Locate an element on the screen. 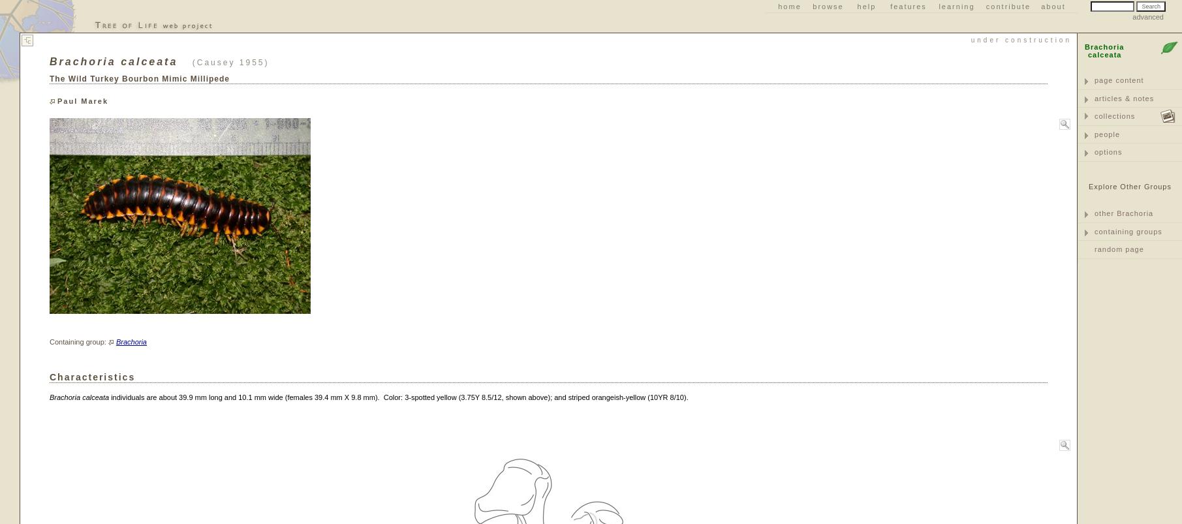 The image size is (1182, 524). 'Under Construction' is located at coordinates (1020, 39).